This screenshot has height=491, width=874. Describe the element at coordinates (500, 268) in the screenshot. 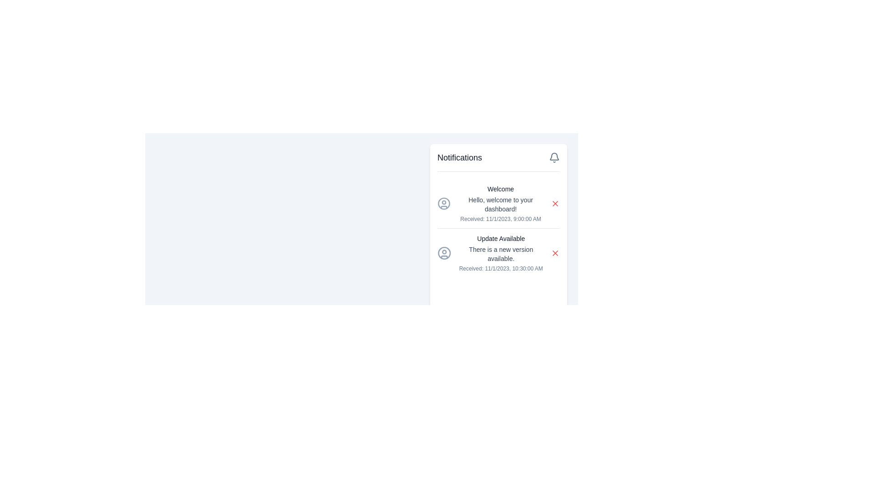

I see `displayed timestamp 'Received: 11/1/2023, 10:30:00 AM' from the text label positioned below the notification 'There is a new version available.'` at that location.